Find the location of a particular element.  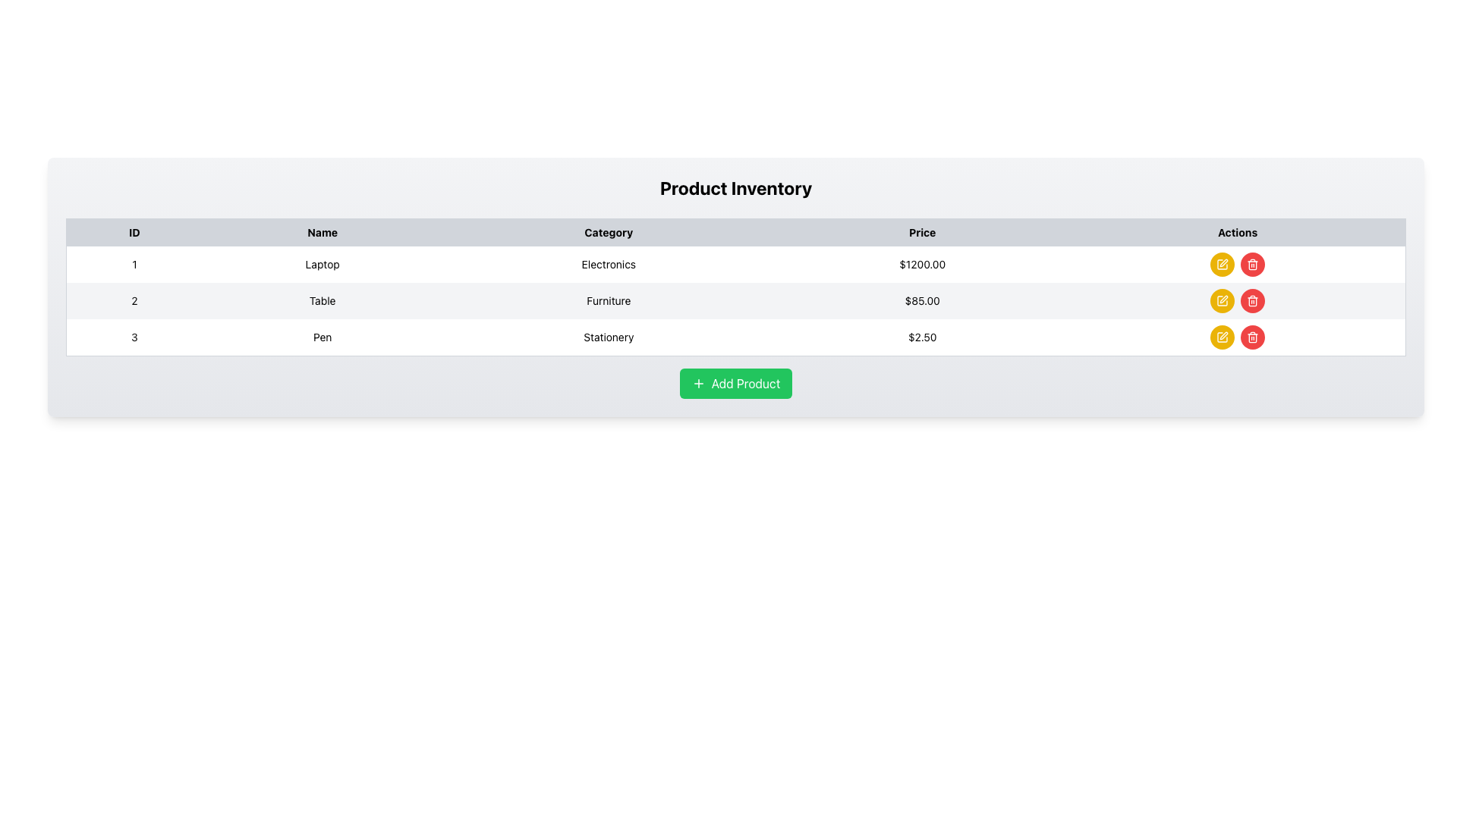

the static text label that serves as the title for the 'Actions' column in the table header, which is the fifth column header located at the far right of the row is located at coordinates (1238, 232).